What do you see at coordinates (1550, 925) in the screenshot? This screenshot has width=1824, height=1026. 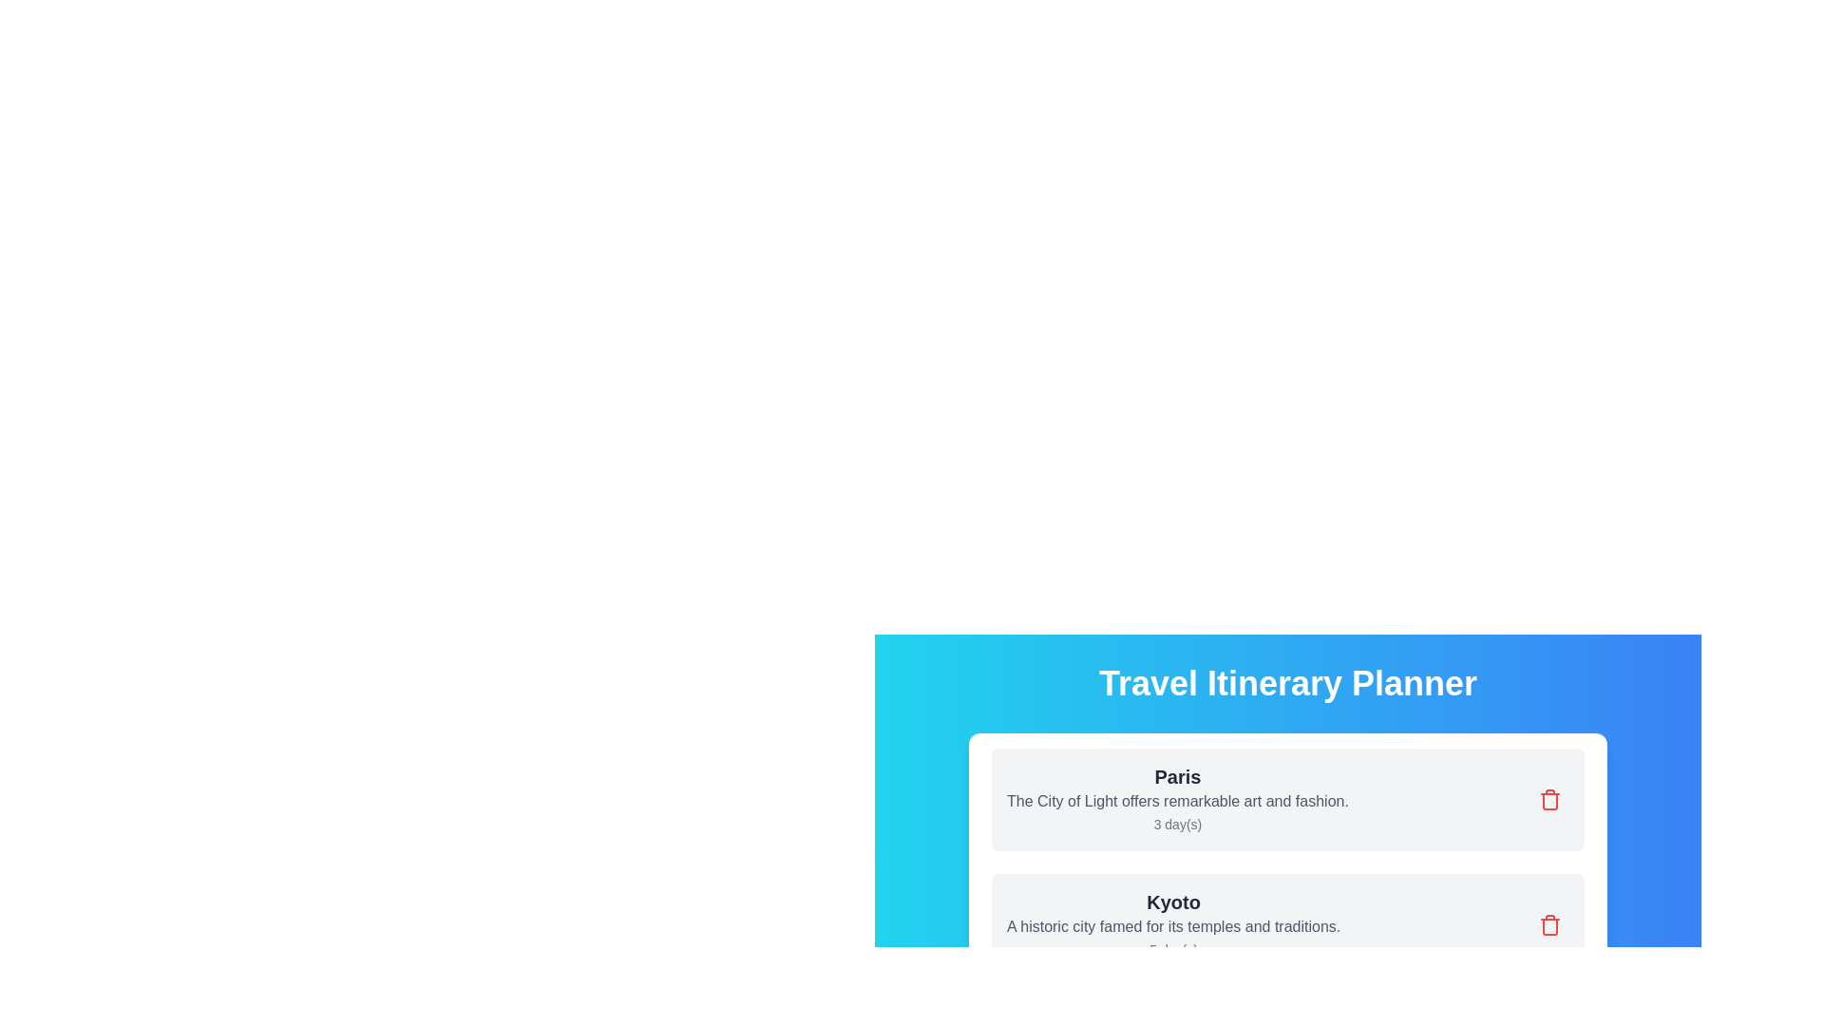 I see `the decorative graphical component of the trash can icon, which represents the delete functionality for the list item labeled 'Paris'` at bounding box center [1550, 925].